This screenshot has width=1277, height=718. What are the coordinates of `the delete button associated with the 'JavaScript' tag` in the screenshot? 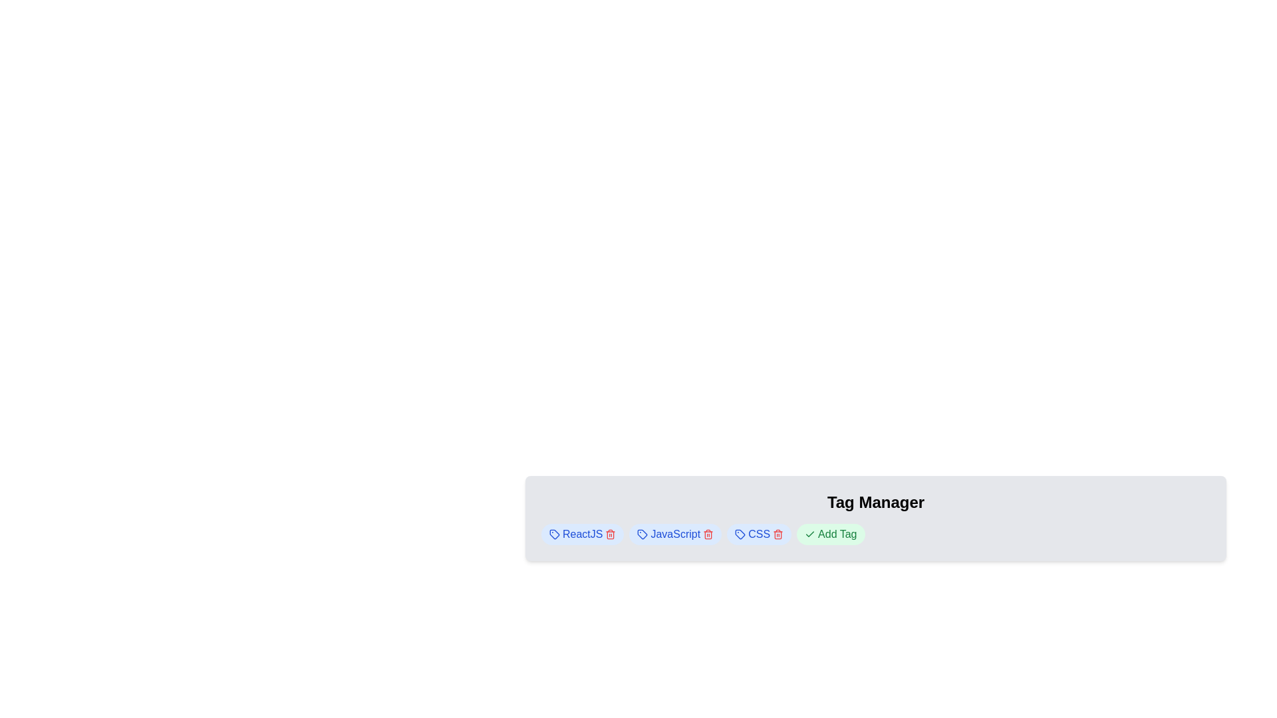 It's located at (708, 533).